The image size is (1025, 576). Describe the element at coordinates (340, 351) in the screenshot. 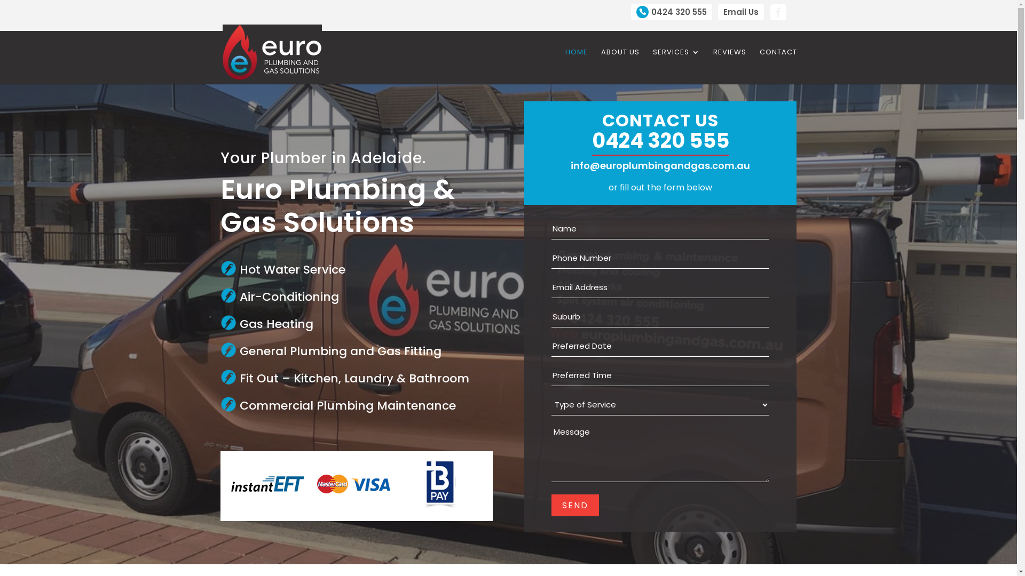

I see `'General Plumbing and Gas Fitting'` at that location.